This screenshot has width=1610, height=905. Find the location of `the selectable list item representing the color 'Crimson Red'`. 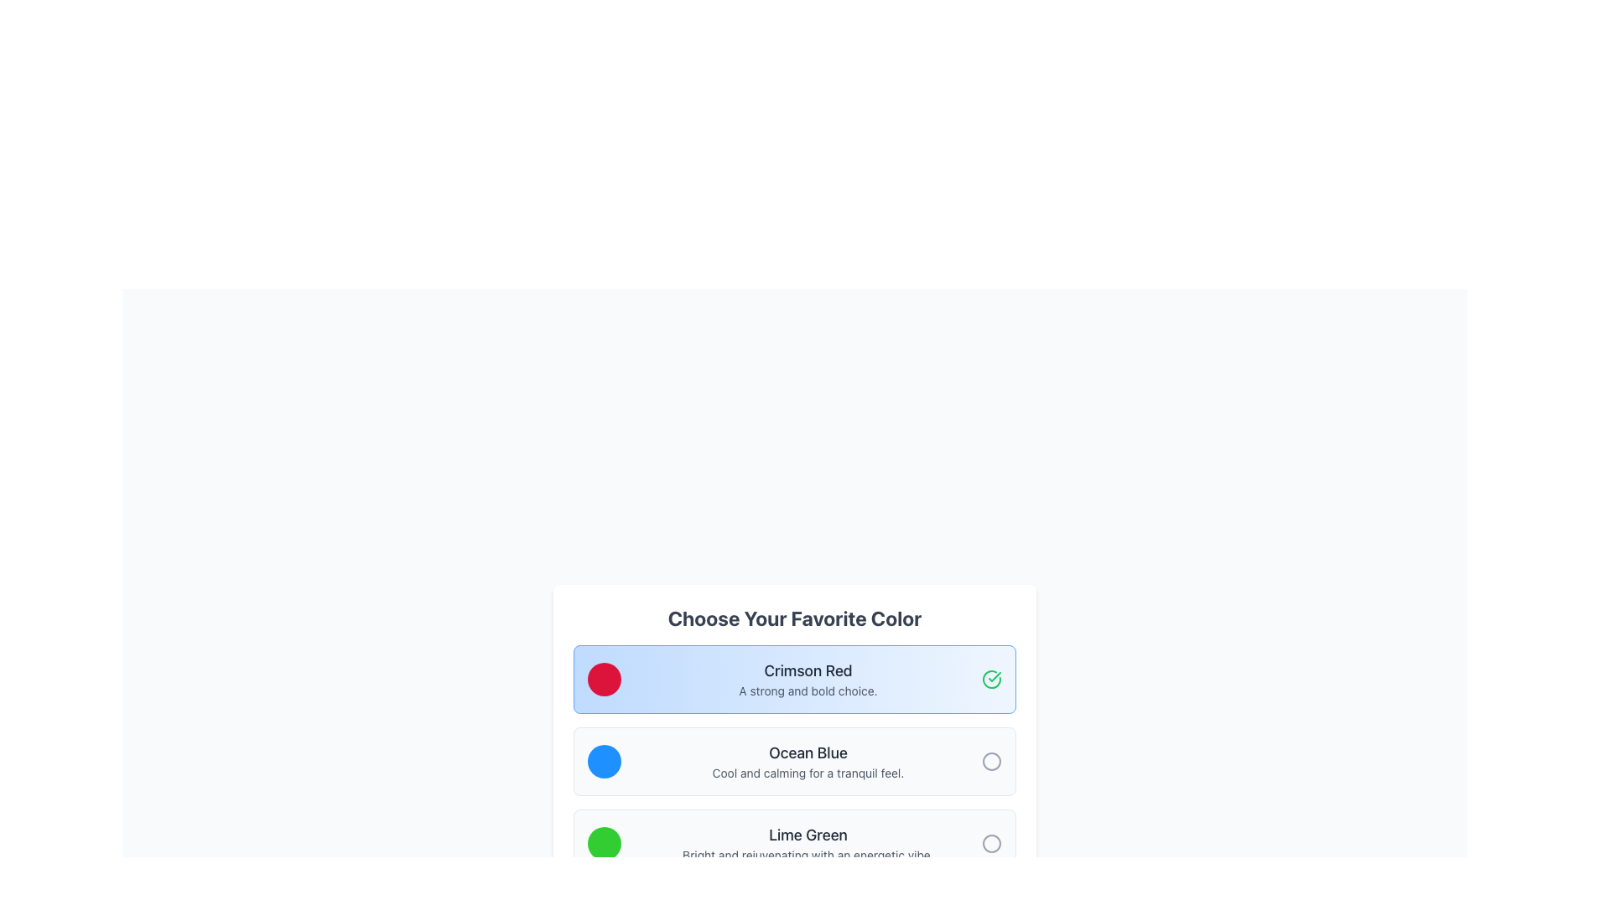

the selectable list item representing the color 'Crimson Red' is located at coordinates (794, 679).